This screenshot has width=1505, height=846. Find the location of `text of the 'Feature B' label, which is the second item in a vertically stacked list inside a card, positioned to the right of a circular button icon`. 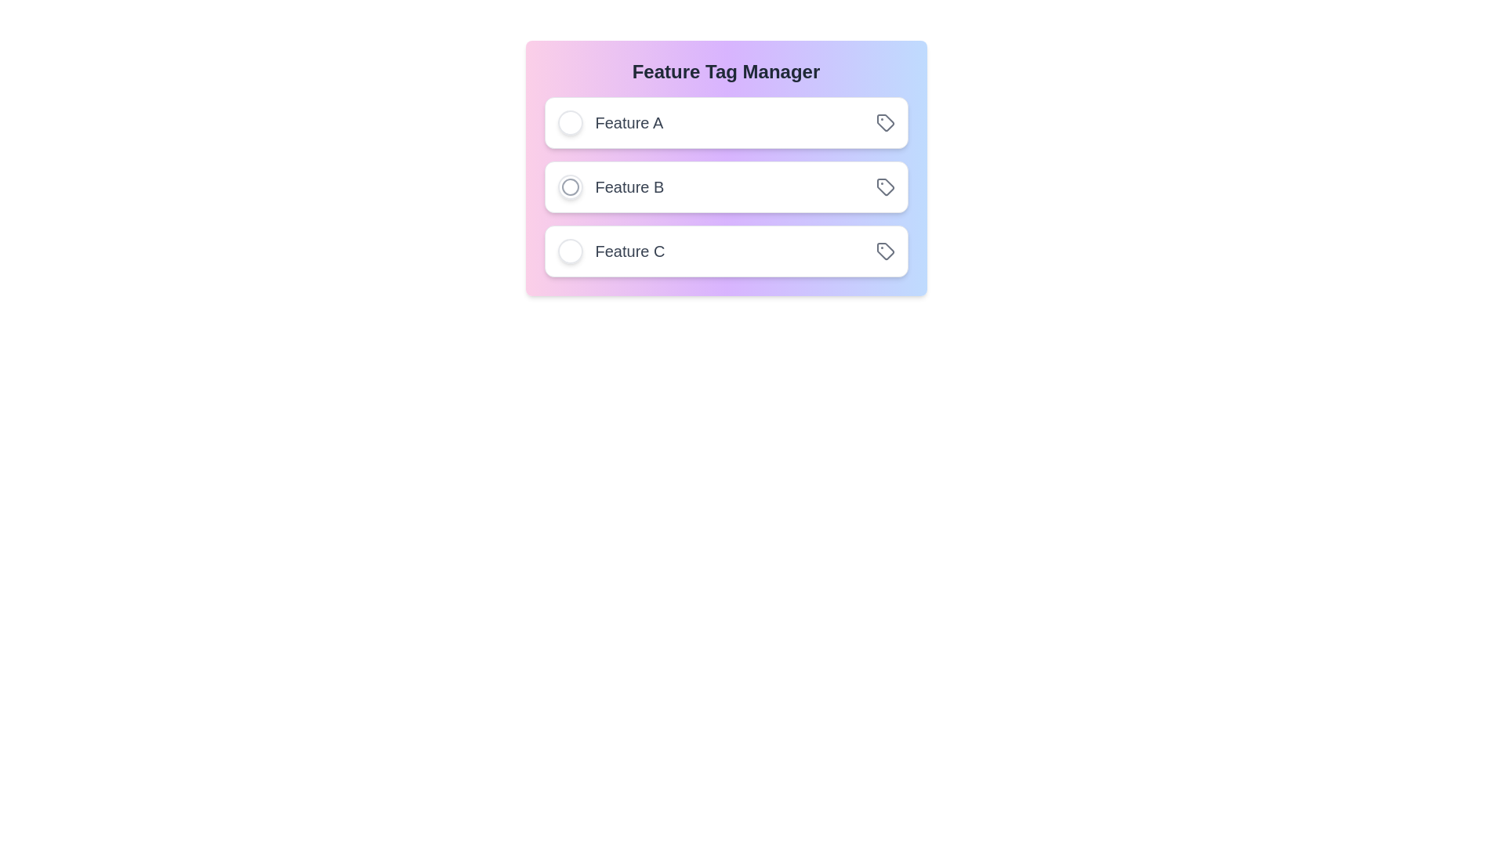

text of the 'Feature B' label, which is the second item in a vertically stacked list inside a card, positioned to the right of a circular button icon is located at coordinates (610, 186).